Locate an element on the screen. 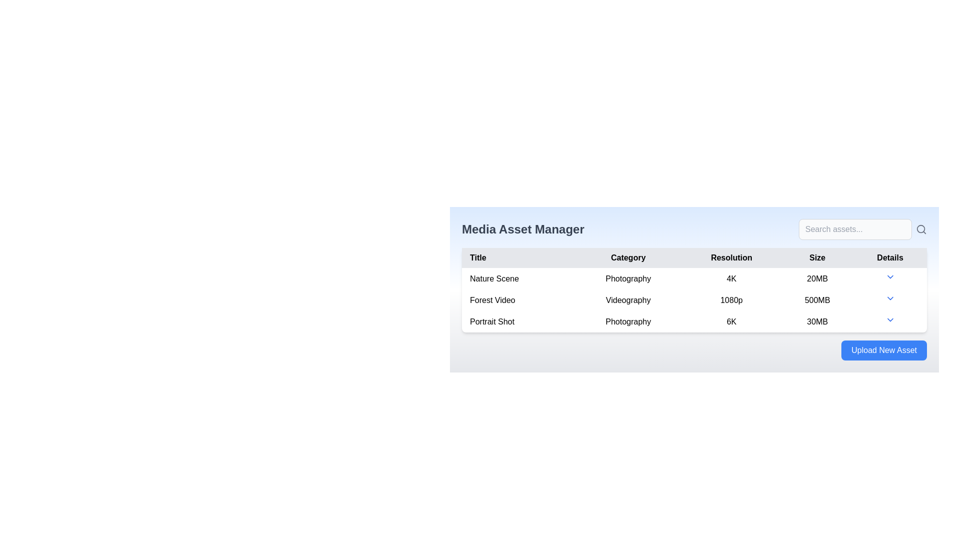 This screenshot has width=961, height=540. the Dropdown Icon located in the last column of the first row of the table in the 'Details' section is located at coordinates (890, 277).